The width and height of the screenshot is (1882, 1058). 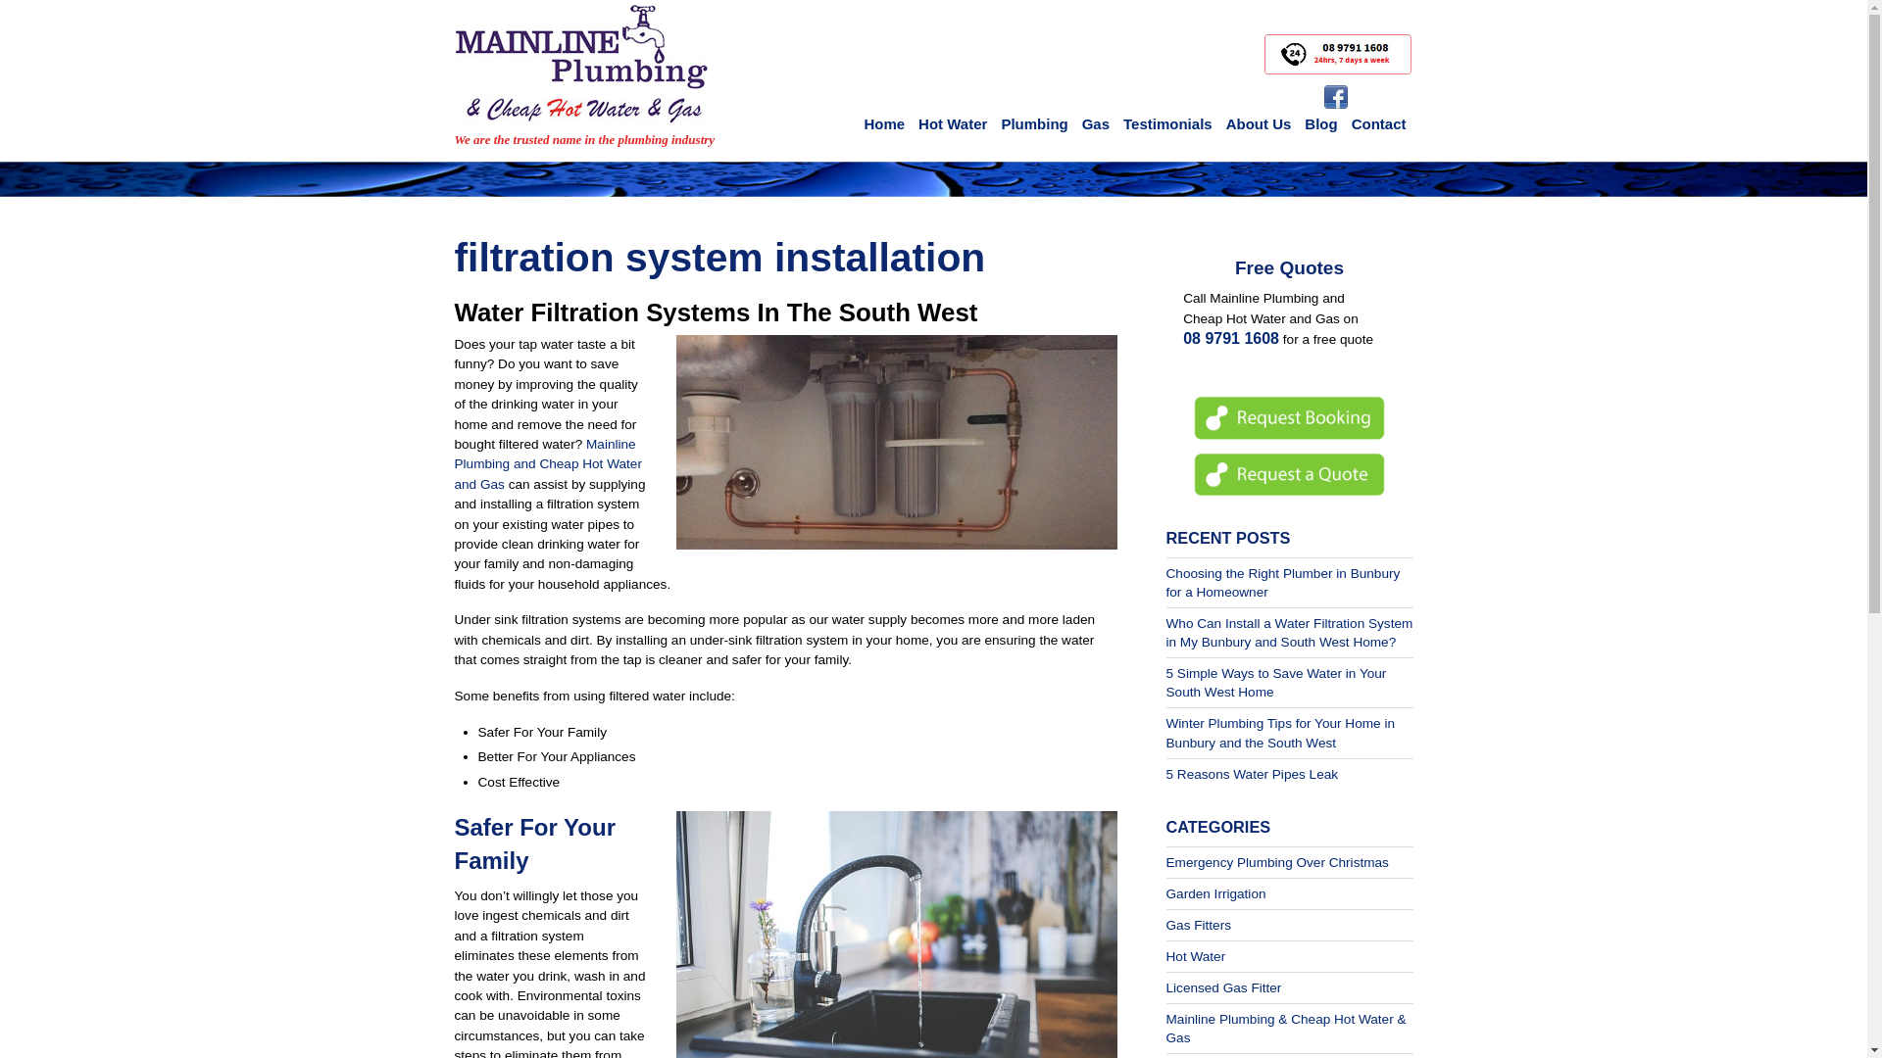 I want to click on '5 Reasons Water Pipes Leak', so click(x=1251, y=773).